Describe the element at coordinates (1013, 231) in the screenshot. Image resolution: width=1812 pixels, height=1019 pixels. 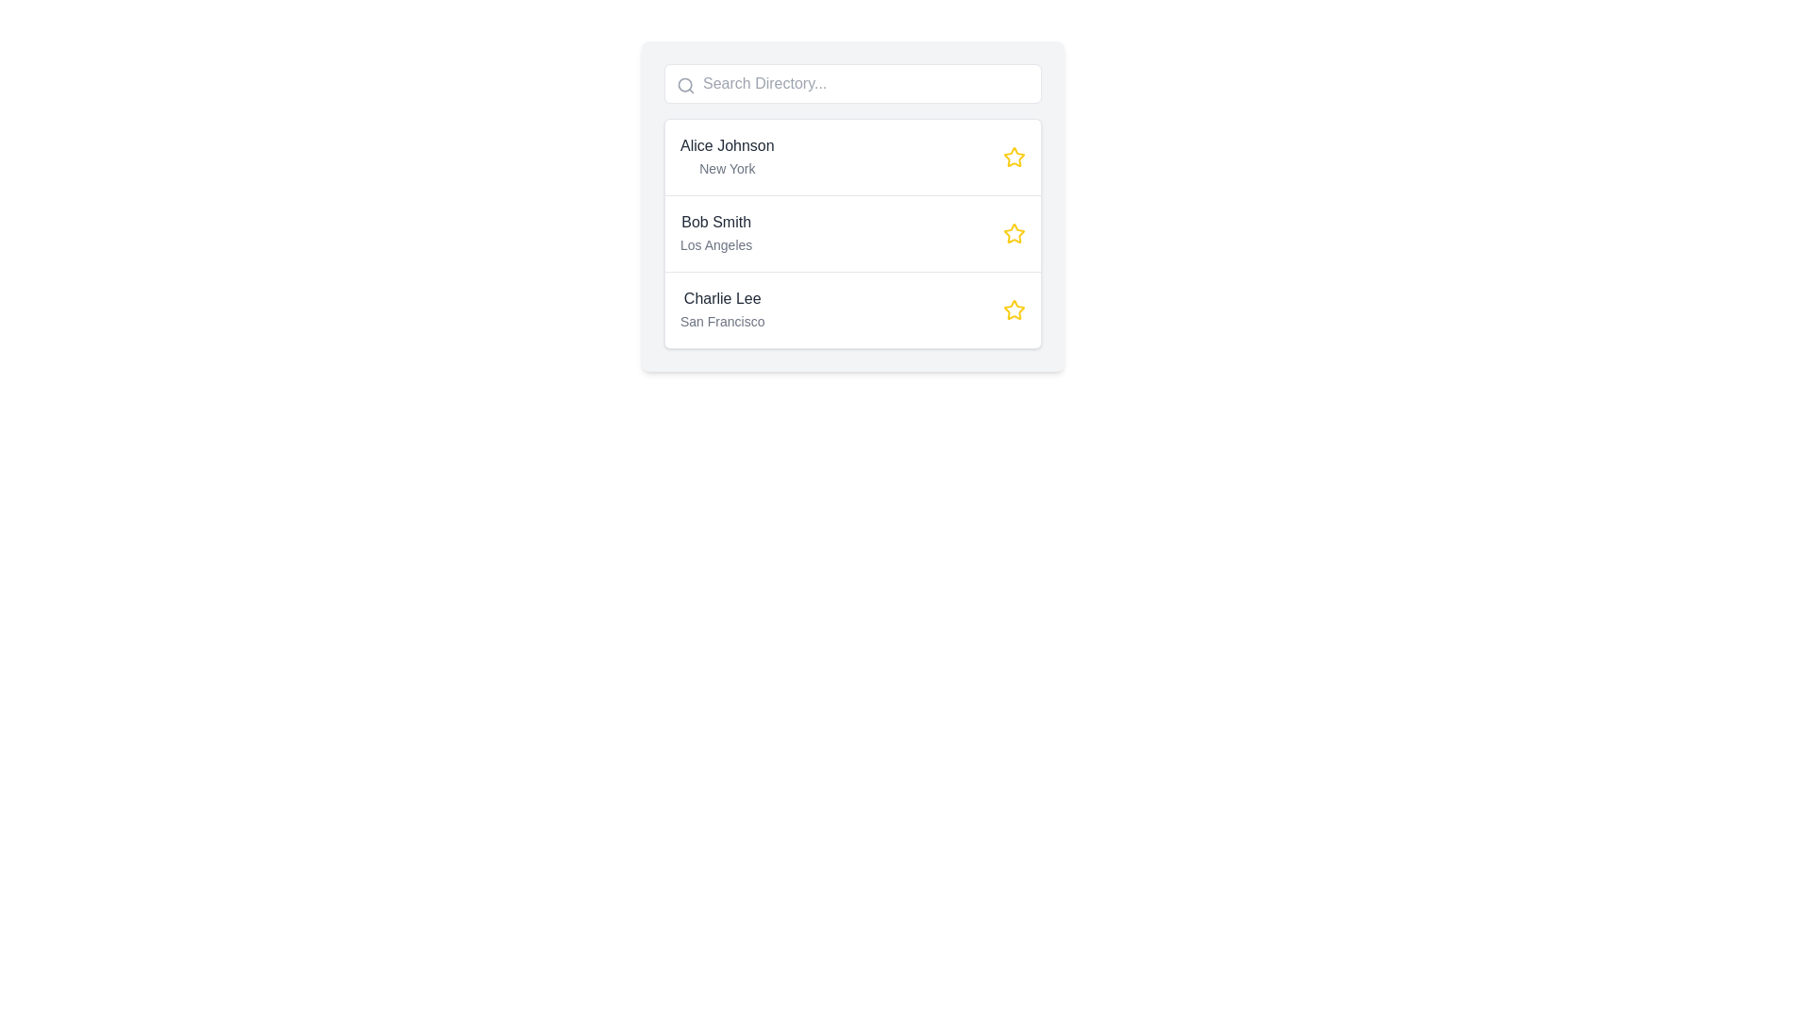
I see `the star marker icon located near 'Bob Smith'` at that location.